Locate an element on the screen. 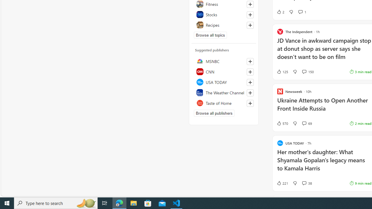  'Browse all publishers' is located at coordinates (214, 113).